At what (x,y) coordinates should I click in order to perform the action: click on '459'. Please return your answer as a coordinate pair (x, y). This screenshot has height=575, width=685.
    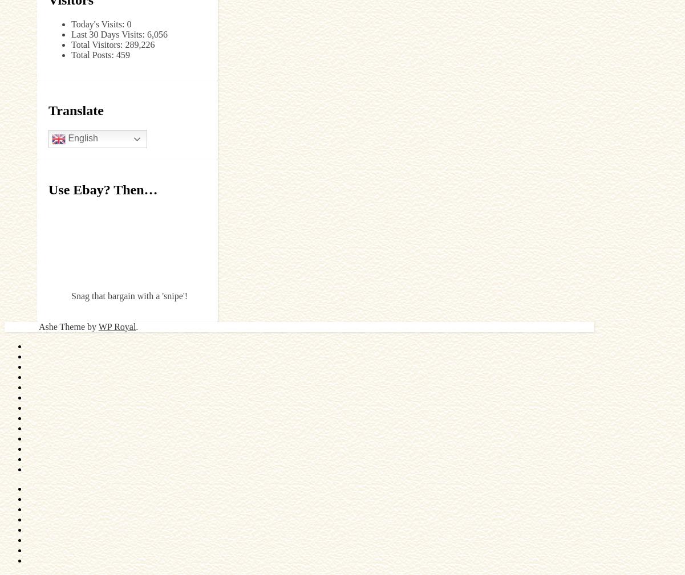
    Looking at the image, I should click on (115, 54).